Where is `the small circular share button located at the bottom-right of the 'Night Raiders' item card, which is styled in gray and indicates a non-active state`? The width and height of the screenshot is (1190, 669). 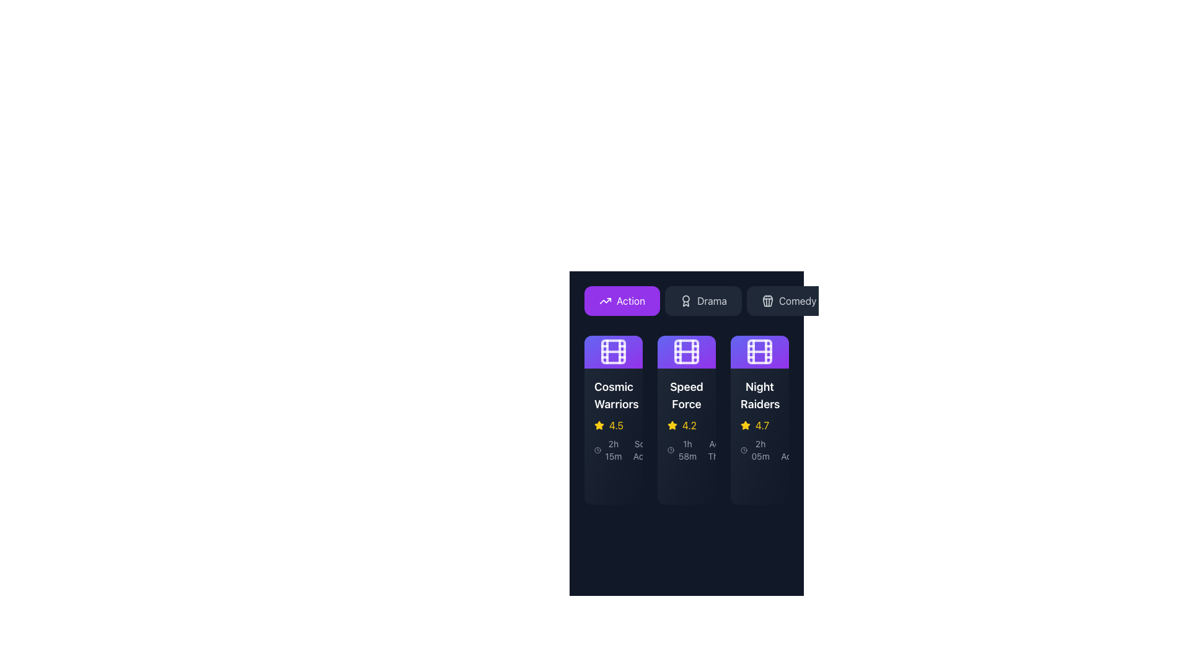 the small circular share button located at the bottom-right of the 'Night Raiders' item card, which is styled in gray and indicates a non-active state is located at coordinates (759, 481).